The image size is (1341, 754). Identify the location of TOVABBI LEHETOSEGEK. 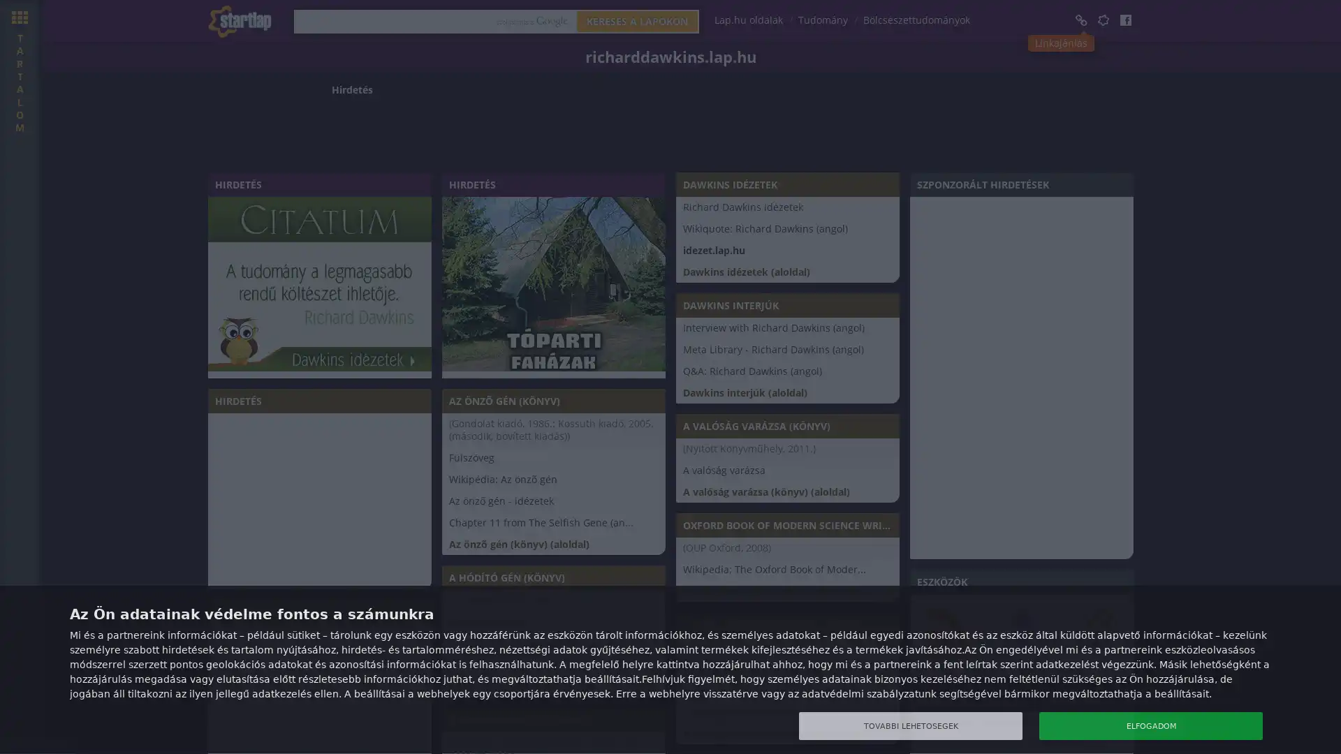
(911, 725).